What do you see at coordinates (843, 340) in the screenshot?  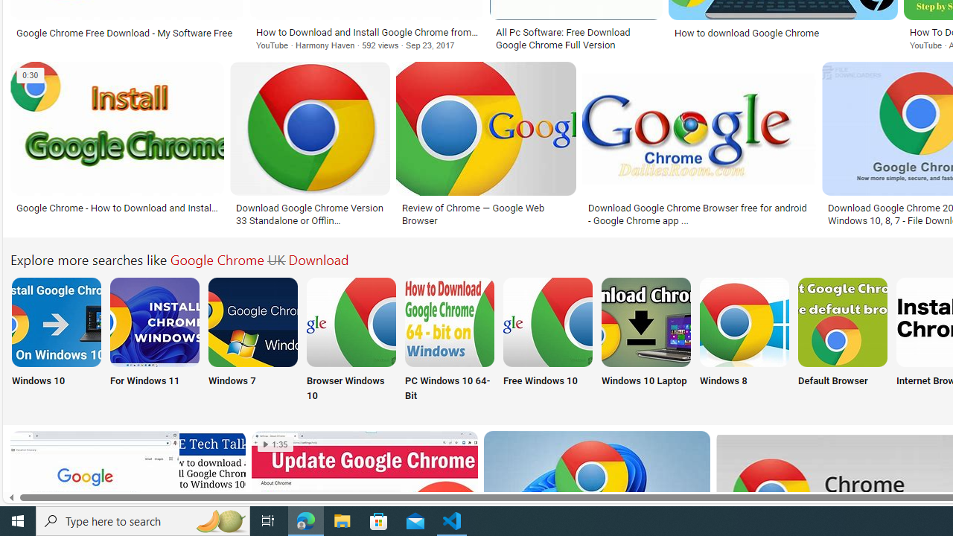 I see `'Default Browser'` at bounding box center [843, 340].